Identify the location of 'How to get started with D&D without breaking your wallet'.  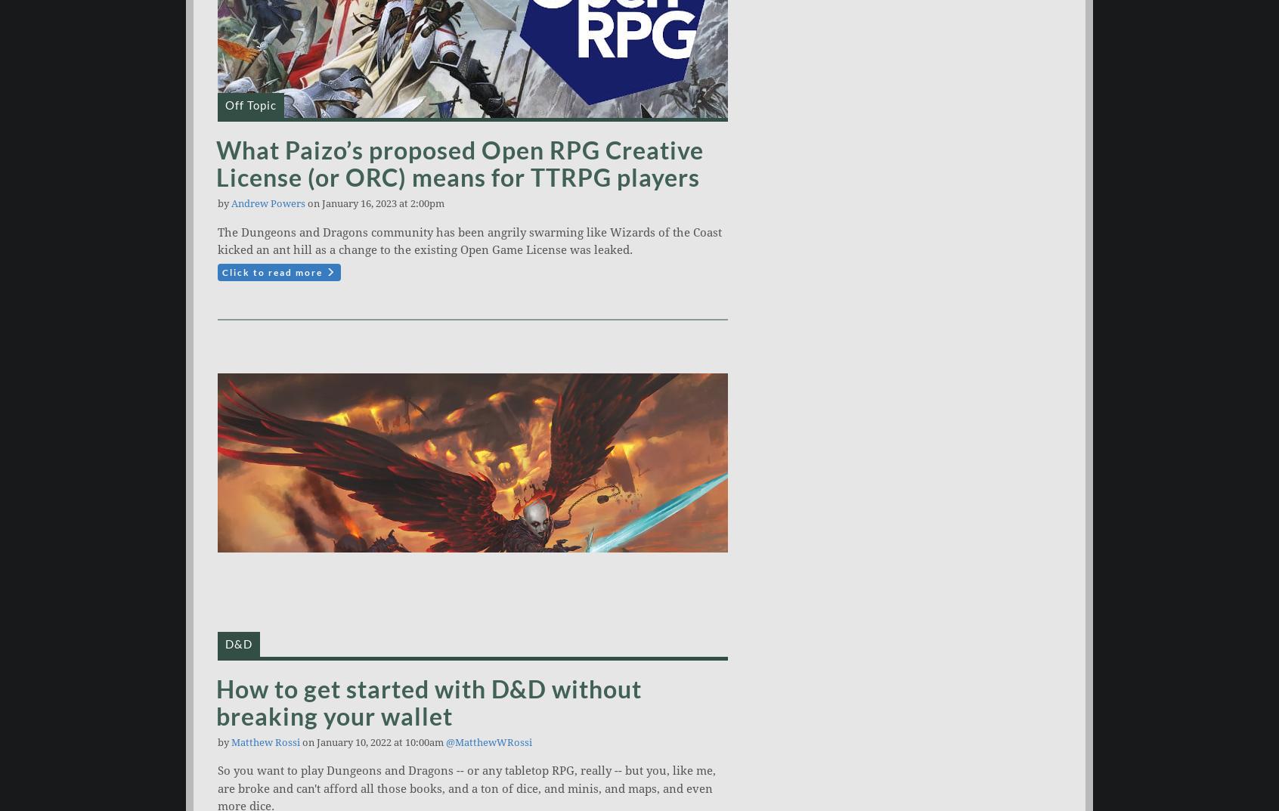
(215, 702).